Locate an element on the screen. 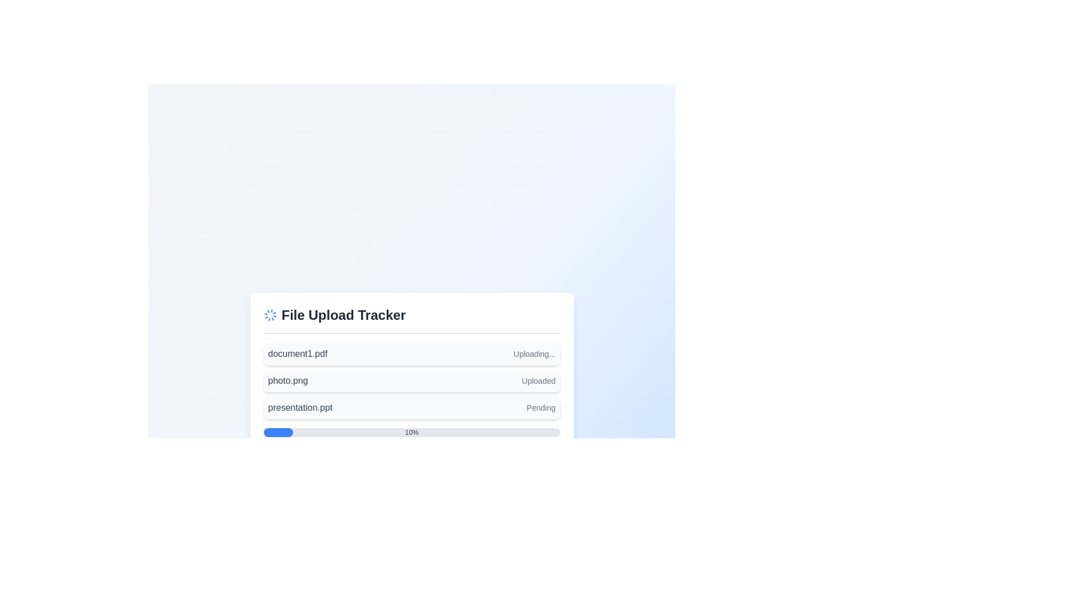  the small gray text label indicating the status 'Uploaded' next to the file name 'photo.png' is located at coordinates (538, 380).